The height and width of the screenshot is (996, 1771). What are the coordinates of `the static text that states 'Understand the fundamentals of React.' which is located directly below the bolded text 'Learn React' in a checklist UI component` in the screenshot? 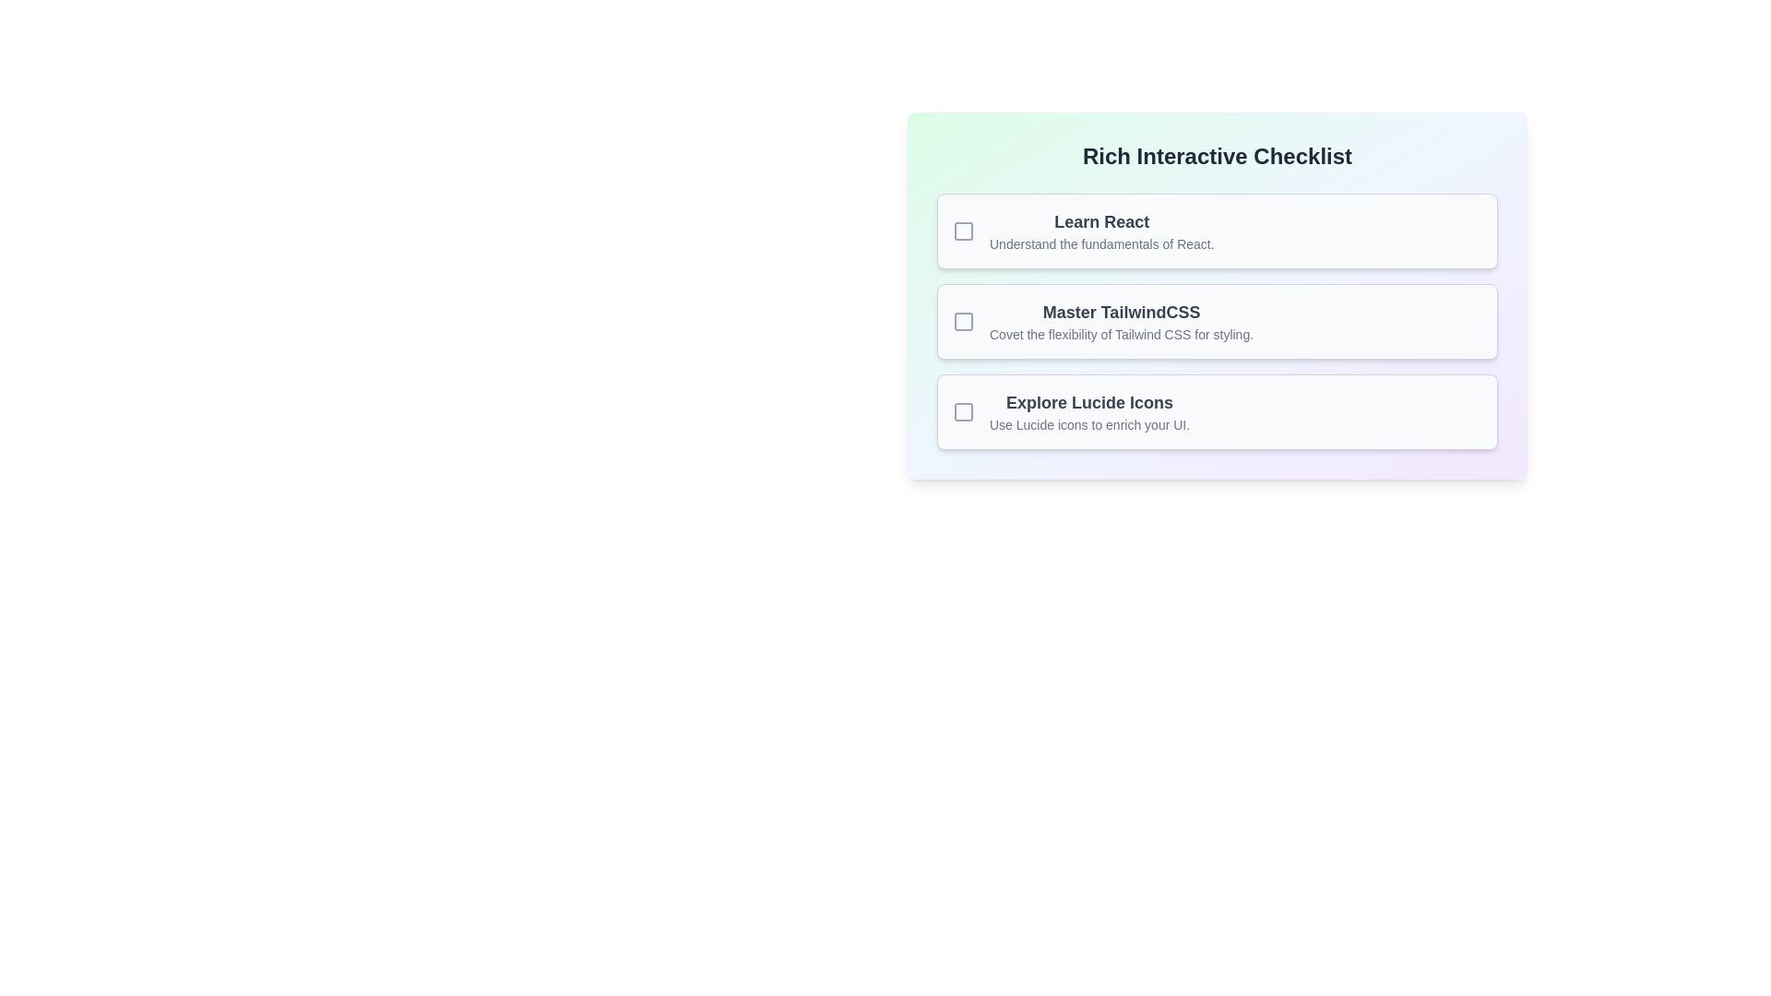 It's located at (1101, 243).